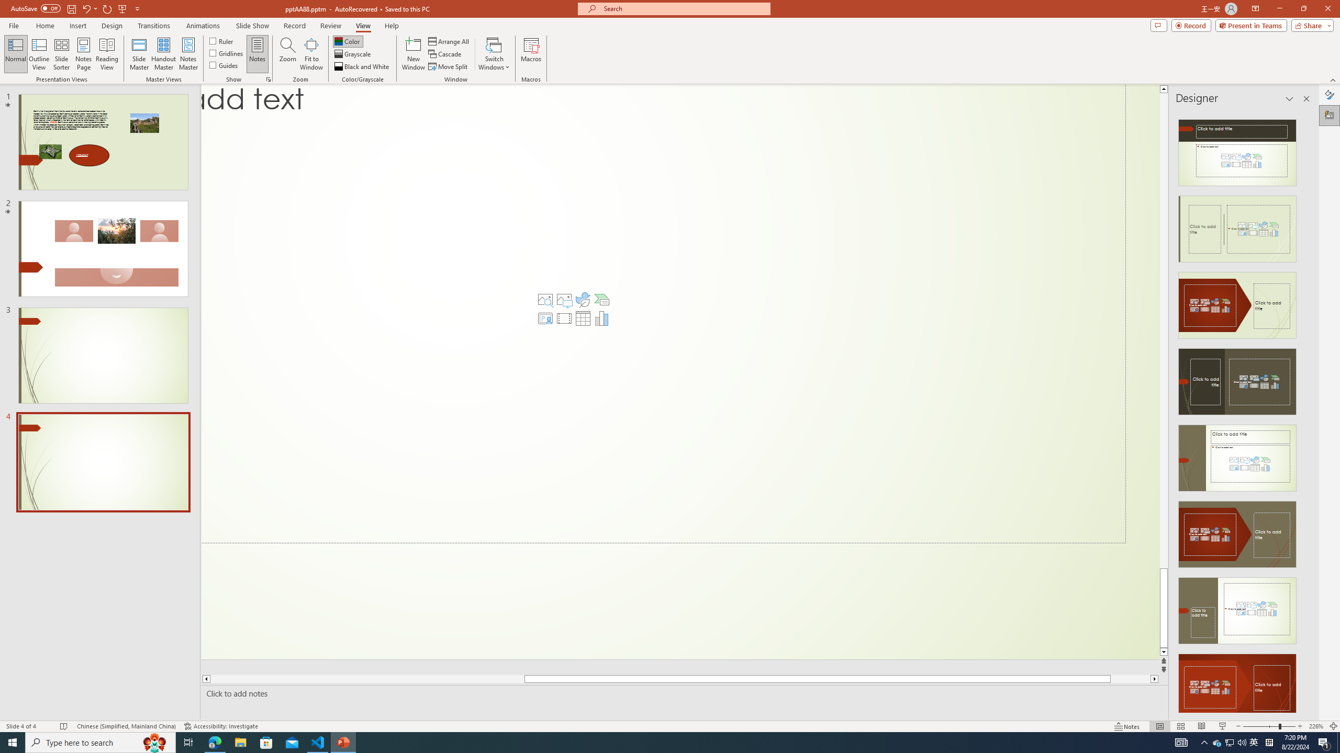 Image resolution: width=1340 pixels, height=753 pixels. Describe the element at coordinates (449, 41) in the screenshot. I see `'Arrange All'` at that location.